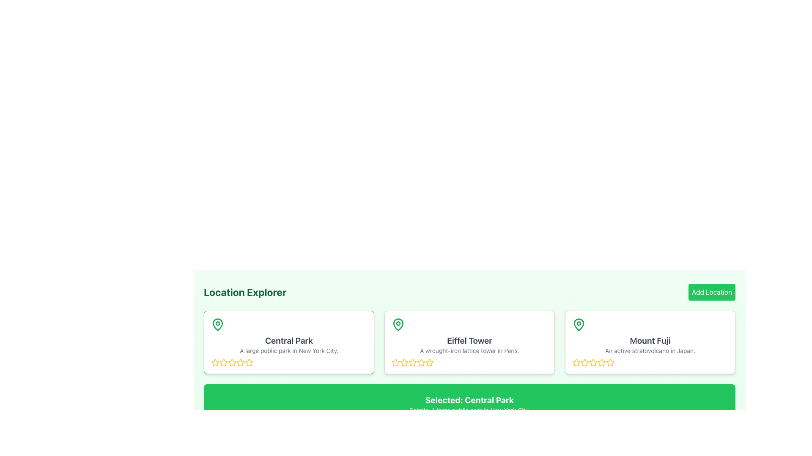 The width and height of the screenshot is (812, 456). What do you see at coordinates (610, 362) in the screenshot?
I see `the fourth star in the five-star rating system for the 'Mount Fuji' location to adjust ratings` at bounding box center [610, 362].